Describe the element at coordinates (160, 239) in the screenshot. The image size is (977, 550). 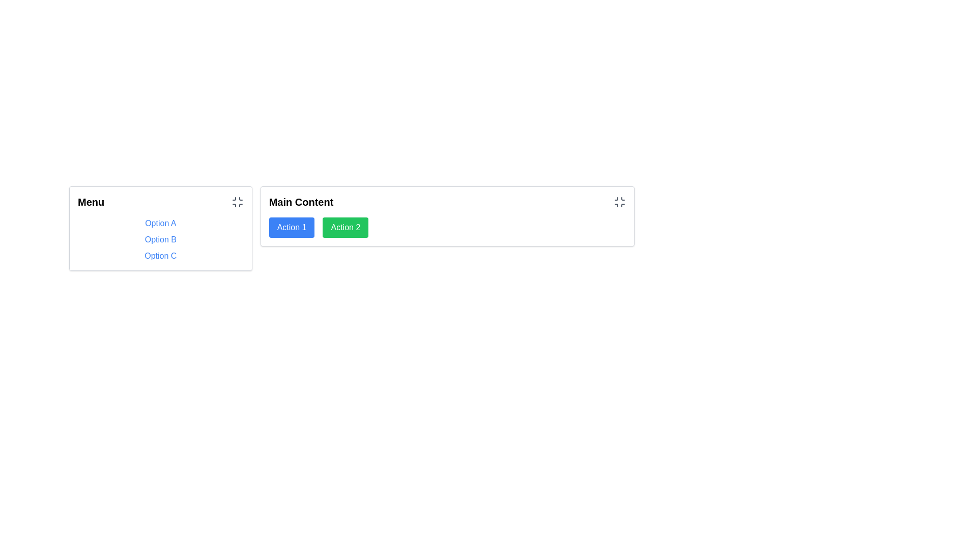
I see `the second option of the Interactive List, which is styled with blue font and underlines on hover, located below the 'Menu' header` at that location.